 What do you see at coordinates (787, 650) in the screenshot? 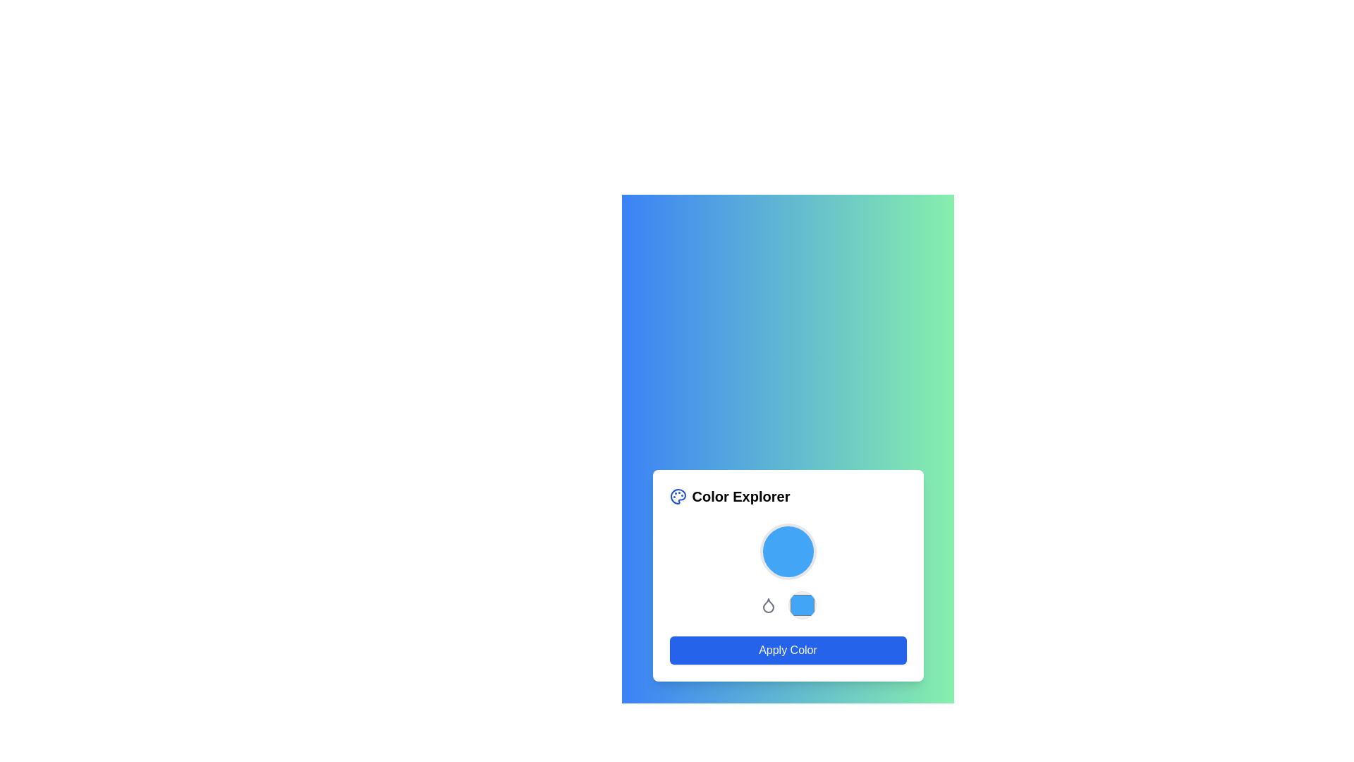
I see `the actionable button at the bottom of the 'Color Explorer' card to trigger a potential styling change` at bounding box center [787, 650].